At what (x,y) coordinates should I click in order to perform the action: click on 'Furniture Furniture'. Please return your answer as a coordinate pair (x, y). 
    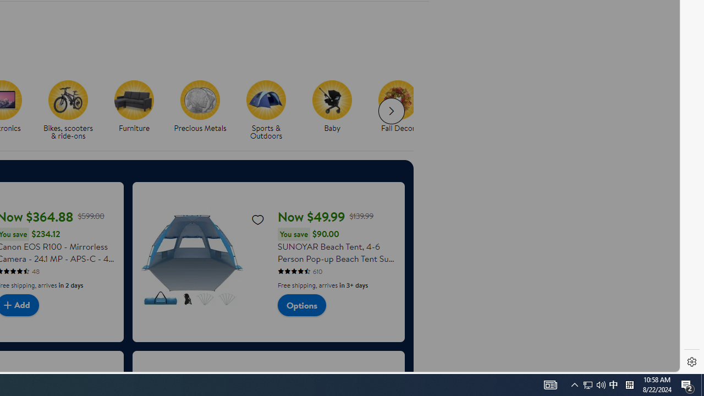
    Looking at the image, I should click on (133, 107).